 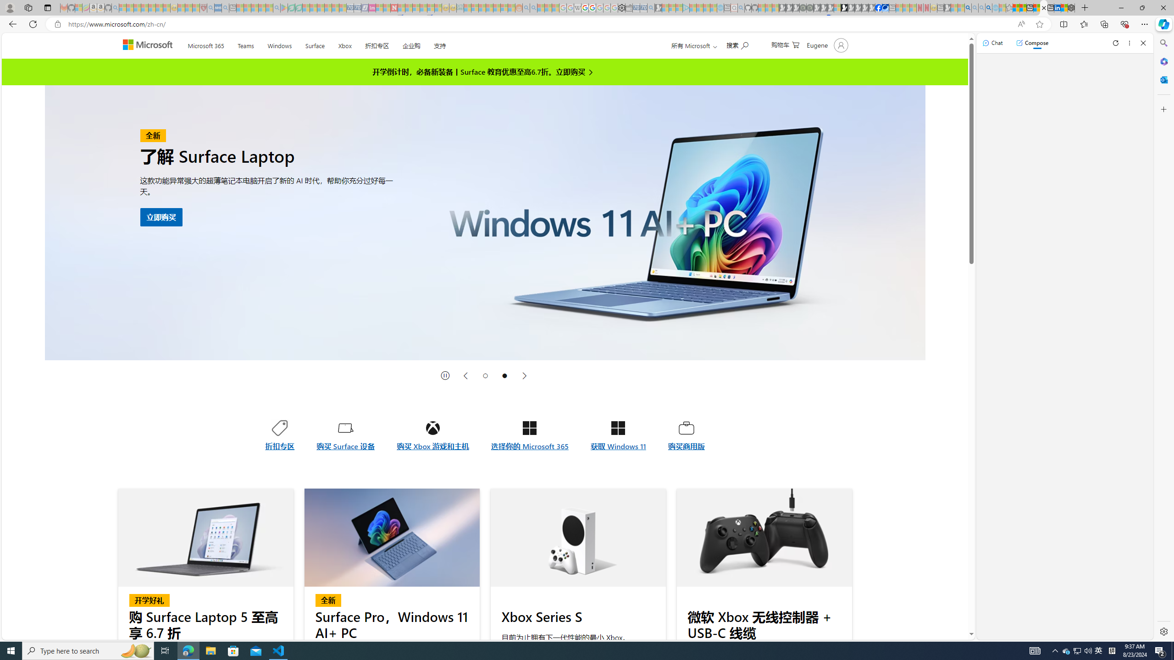 What do you see at coordinates (1163, 337) in the screenshot?
I see `'Side bar'` at bounding box center [1163, 337].